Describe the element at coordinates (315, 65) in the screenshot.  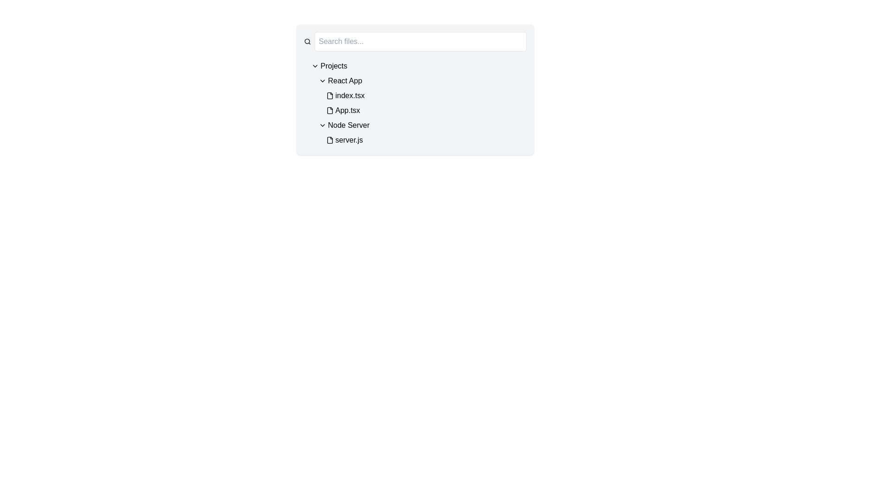
I see `the dropdown toggle icon located at the leftmost side of the 'Projects' entry in the navigation menu` at that location.